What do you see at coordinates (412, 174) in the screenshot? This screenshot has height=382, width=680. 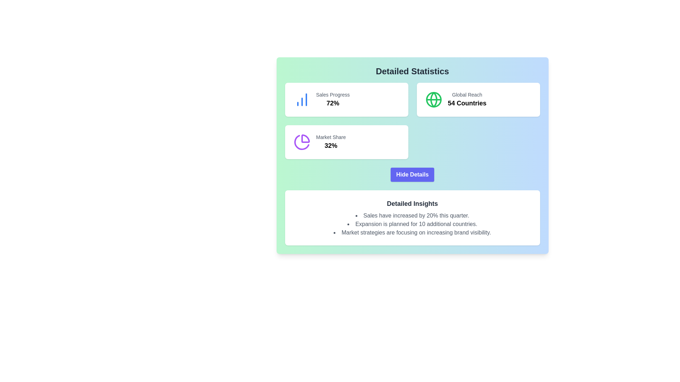 I see `the button that toggles the visibility of detailed information` at bounding box center [412, 174].